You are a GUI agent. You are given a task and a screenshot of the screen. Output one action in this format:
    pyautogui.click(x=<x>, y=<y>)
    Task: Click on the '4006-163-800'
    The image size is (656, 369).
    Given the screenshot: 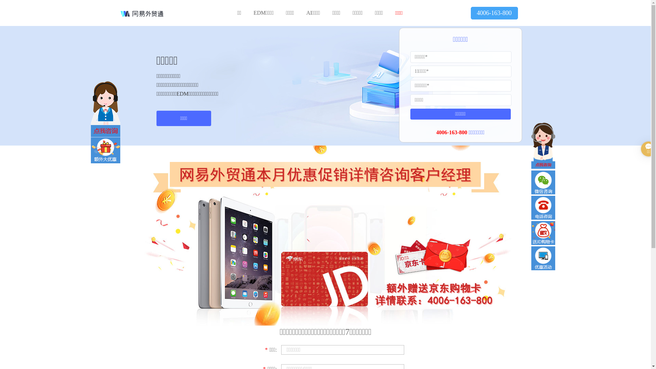 What is the action you would take?
    pyautogui.click(x=494, y=13)
    